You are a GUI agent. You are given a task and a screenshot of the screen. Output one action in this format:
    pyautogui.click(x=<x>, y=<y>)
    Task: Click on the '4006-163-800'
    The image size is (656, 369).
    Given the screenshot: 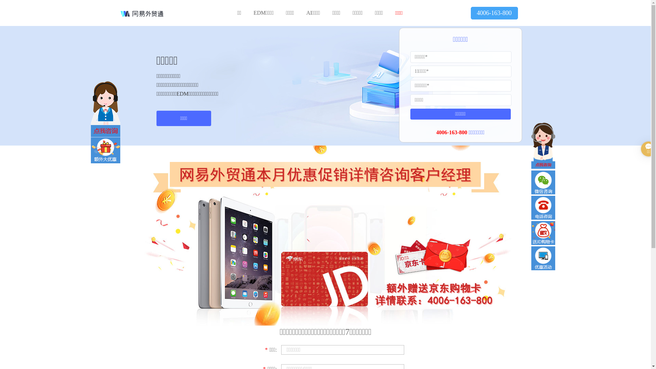 What is the action you would take?
    pyautogui.click(x=494, y=13)
    